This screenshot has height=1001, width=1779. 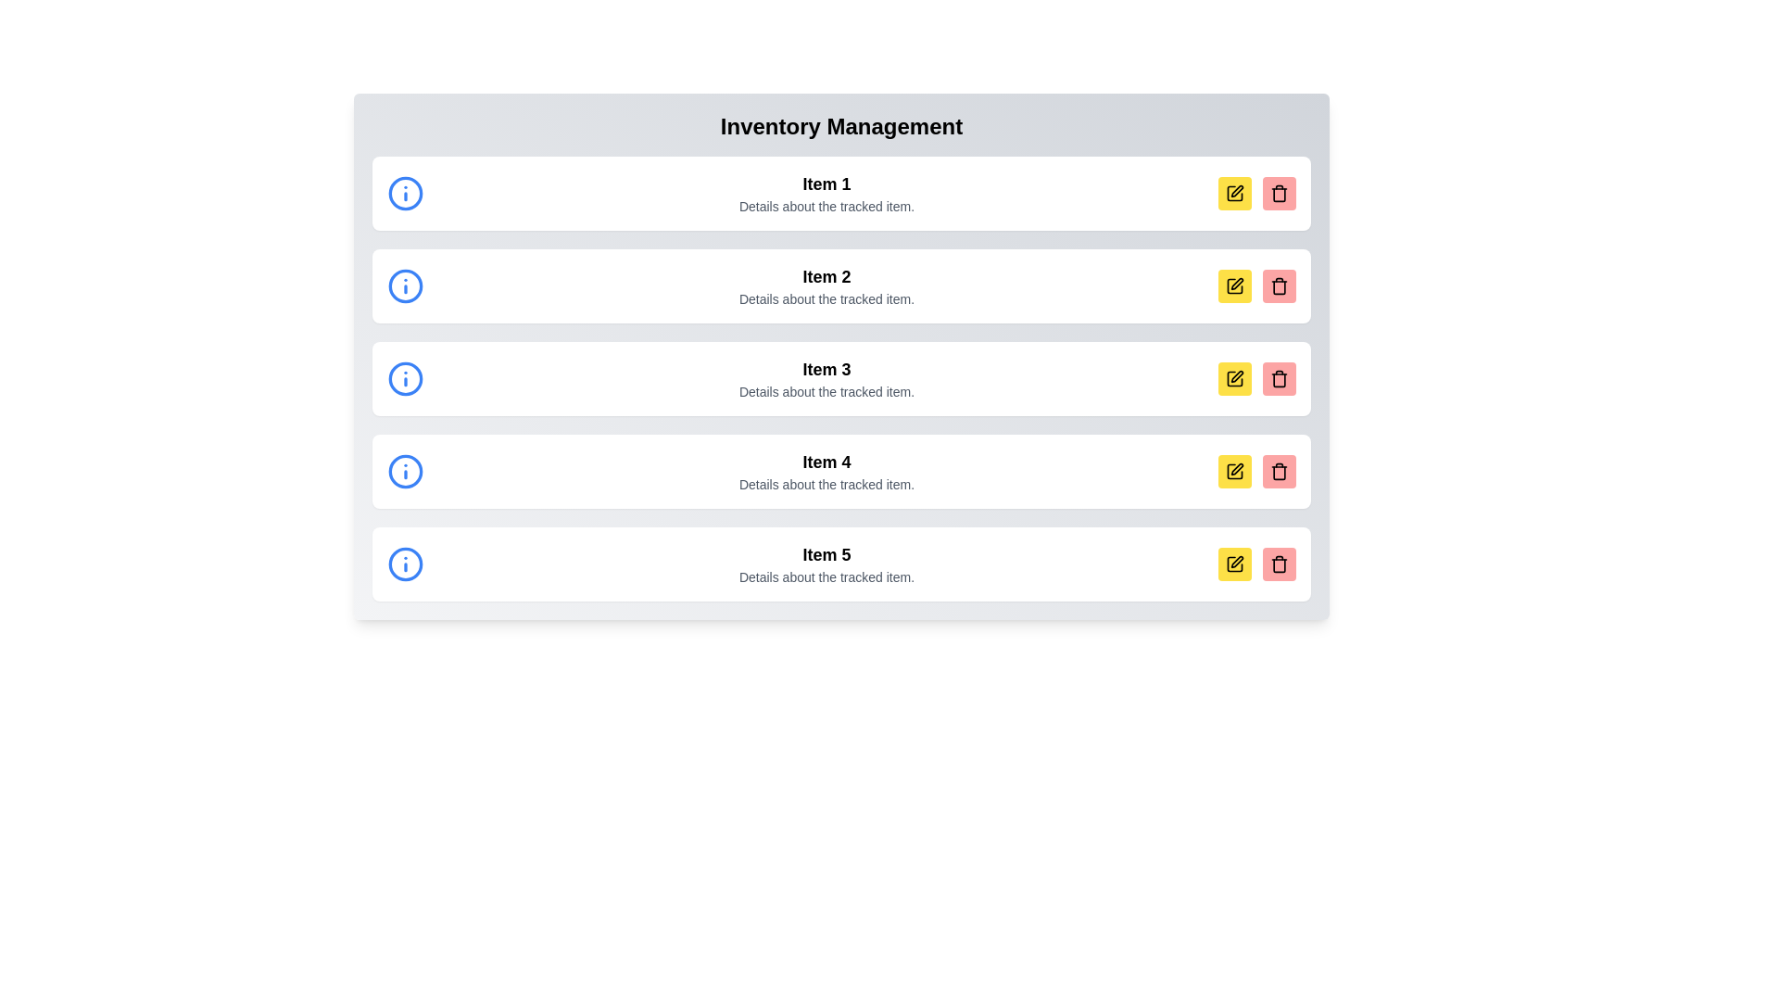 I want to click on the red delete button with a trash can icon located at the bottom-right corner of the list item, so click(x=1279, y=377).